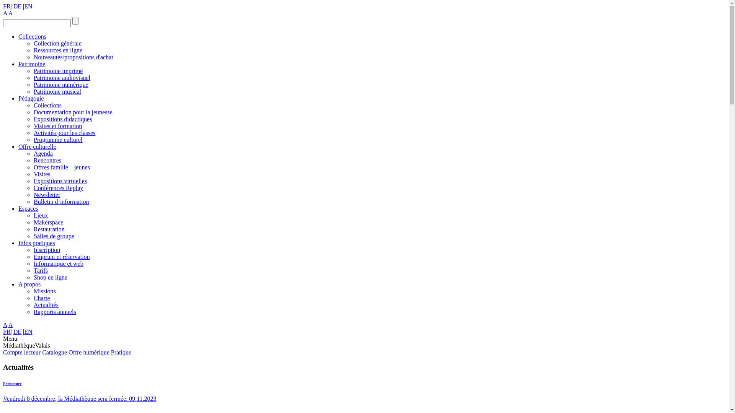 The image size is (735, 413). I want to click on 'Shop en ligne', so click(33, 277).